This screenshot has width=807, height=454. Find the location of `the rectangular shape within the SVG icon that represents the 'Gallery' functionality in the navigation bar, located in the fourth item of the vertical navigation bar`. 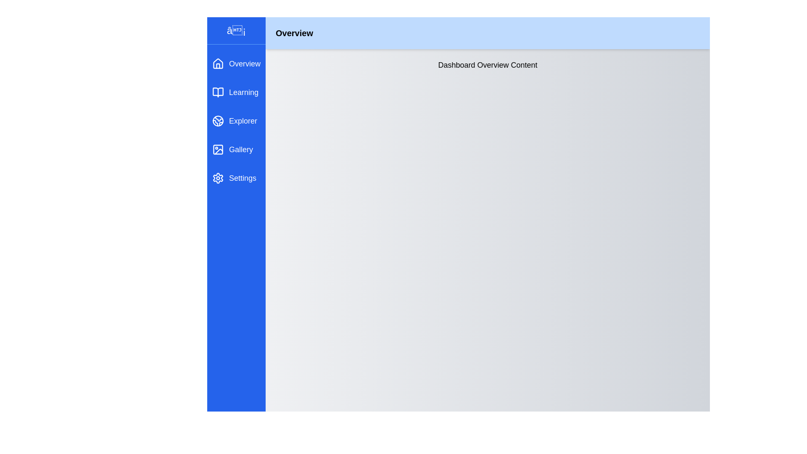

the rectangular shape within the SVG icon that represents the 'Gallery' functionality in the navigation bar, located in the fourth item of the vertical navigation bar is located at coordinates (218, 149).